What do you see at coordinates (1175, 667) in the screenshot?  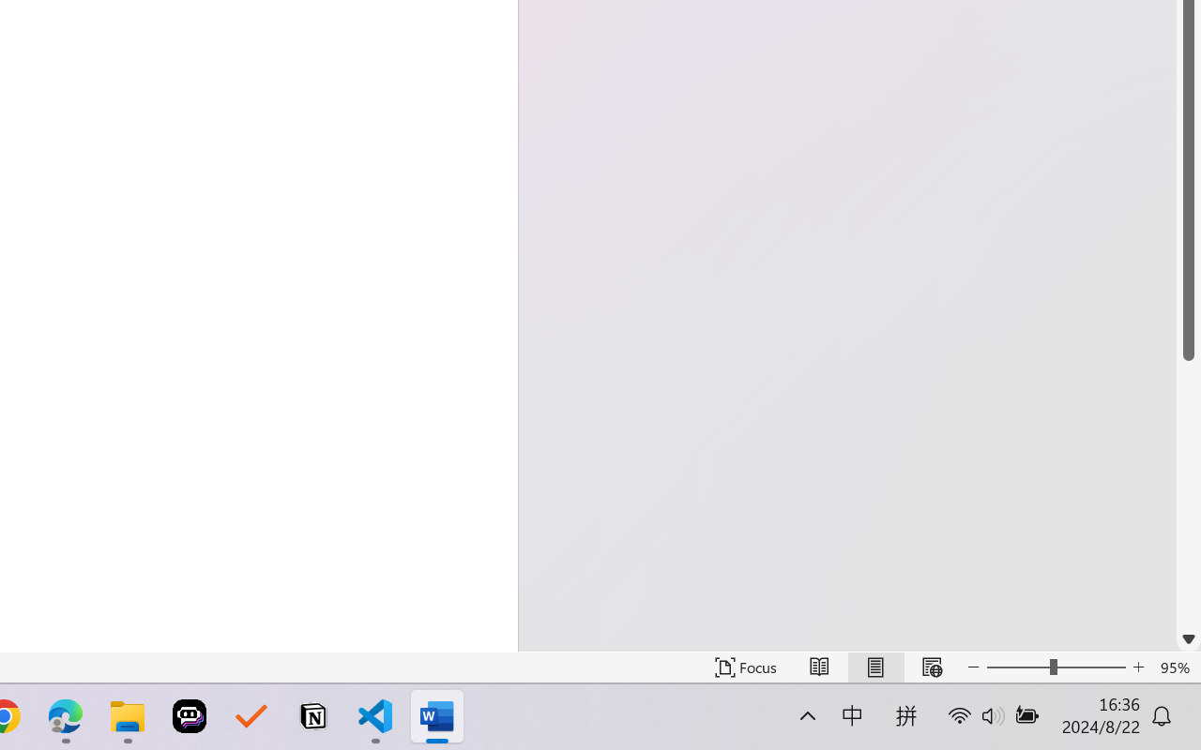 I see `'Zoom 95%'` at bounding box center [1175, 667].